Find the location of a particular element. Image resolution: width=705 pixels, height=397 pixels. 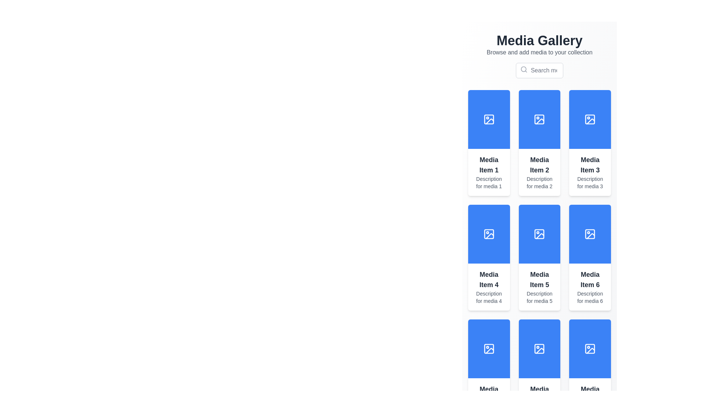

the SVG graphic icon that represents an image media type, located in the sixth card of the grid layout in the gallery is located at coordinates (539, 348).